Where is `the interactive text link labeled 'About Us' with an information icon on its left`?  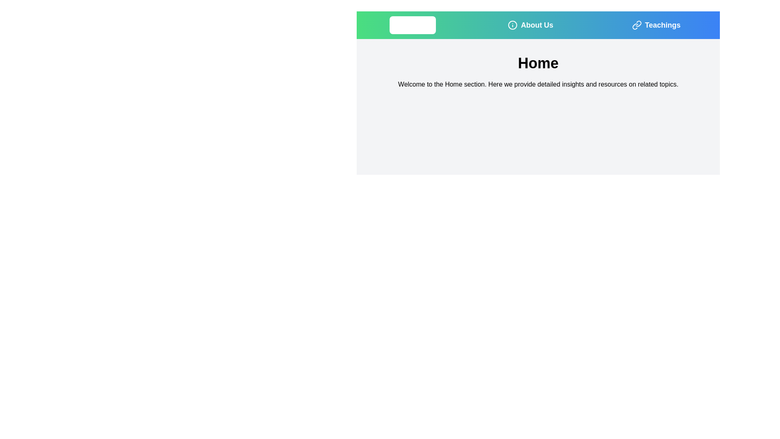
the interactive text link labeled 'About Us' with an information icon on its left is located at coordinates (531, 24).